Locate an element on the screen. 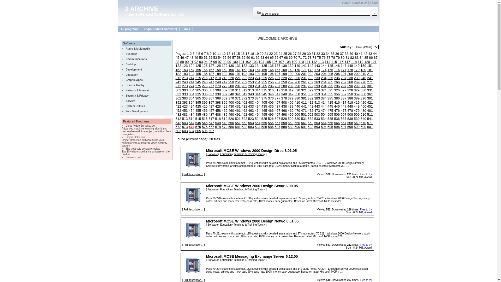 The height and width of the screenshot is (282, 501). '310' is located at coordinates (228, 90).